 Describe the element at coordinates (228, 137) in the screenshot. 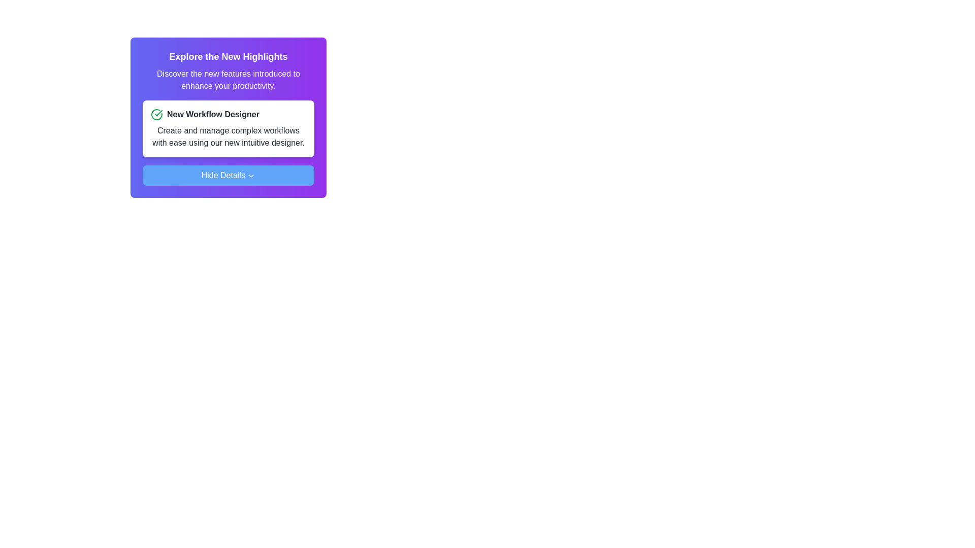

I see `the textual description reading 'Create and manage complex workflows with ease using our new intuitive designer.' that is located below the header 'New Workflow Designer'` at that location.